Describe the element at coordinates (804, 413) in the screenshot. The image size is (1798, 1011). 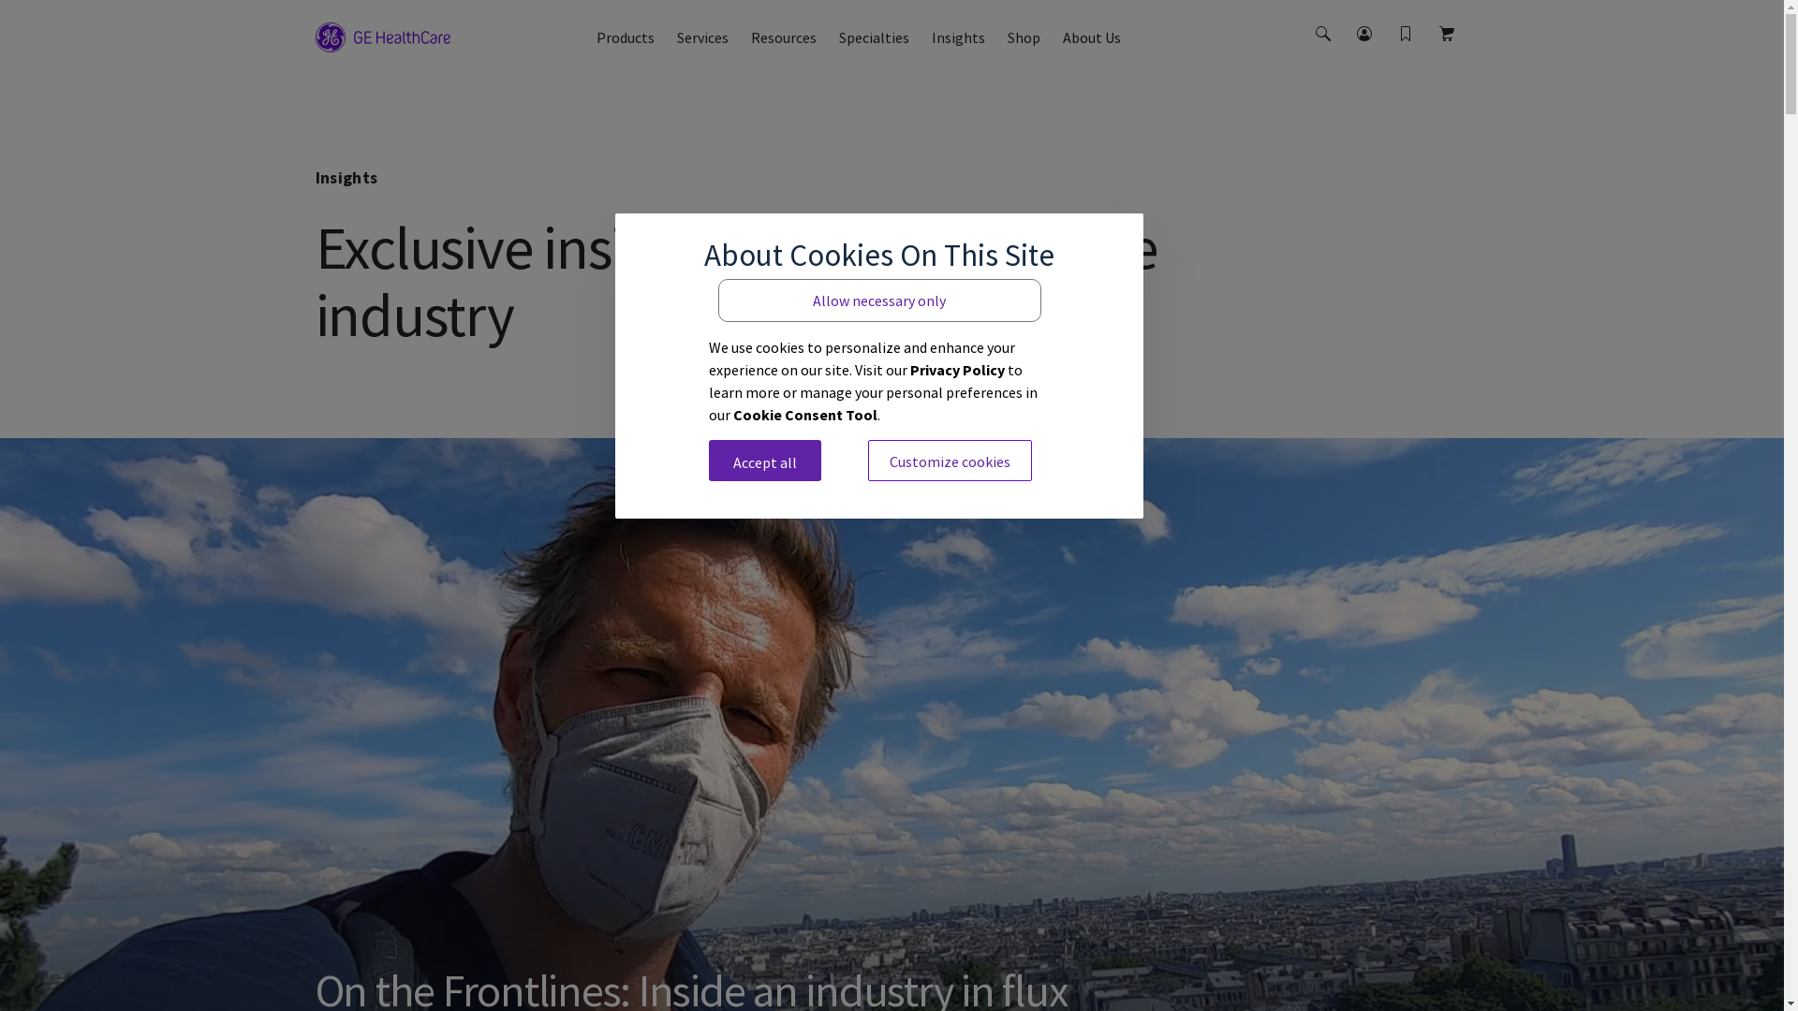
I see `'Cookie Consent Tool'` at that location.